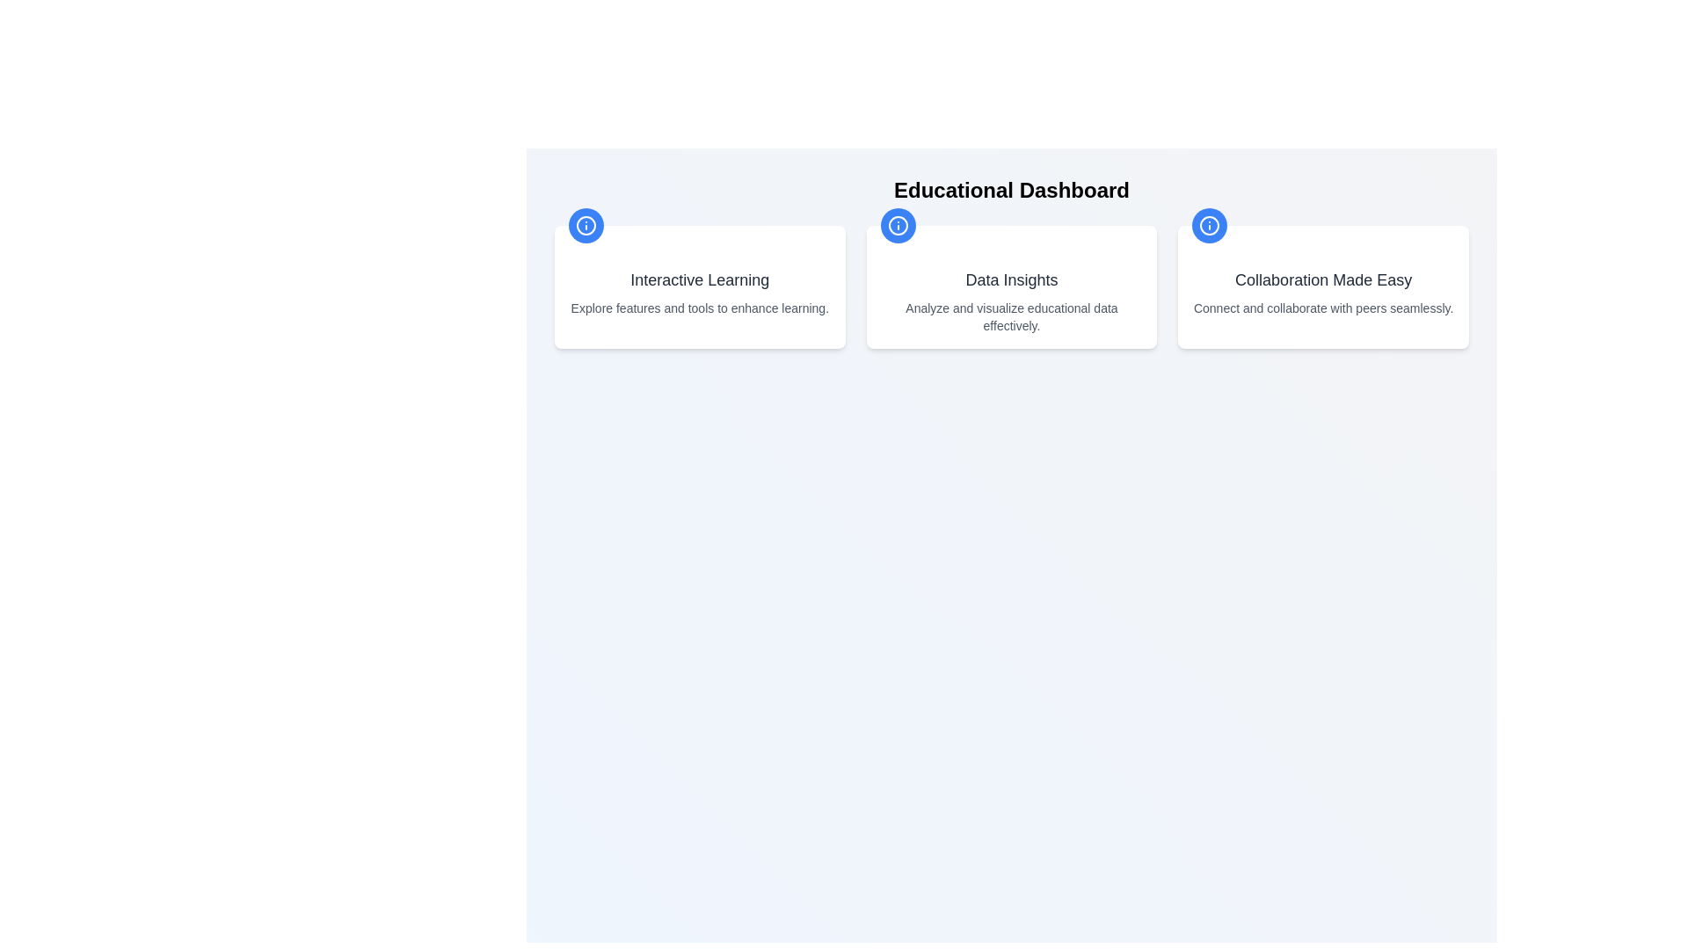  I want to click on the text snippet that reads 'Analyze and visualize educational data effectively,' which is styled in small gray font and located below the title 'Data Insights' within the card-like UI component, so click(1012, 317).